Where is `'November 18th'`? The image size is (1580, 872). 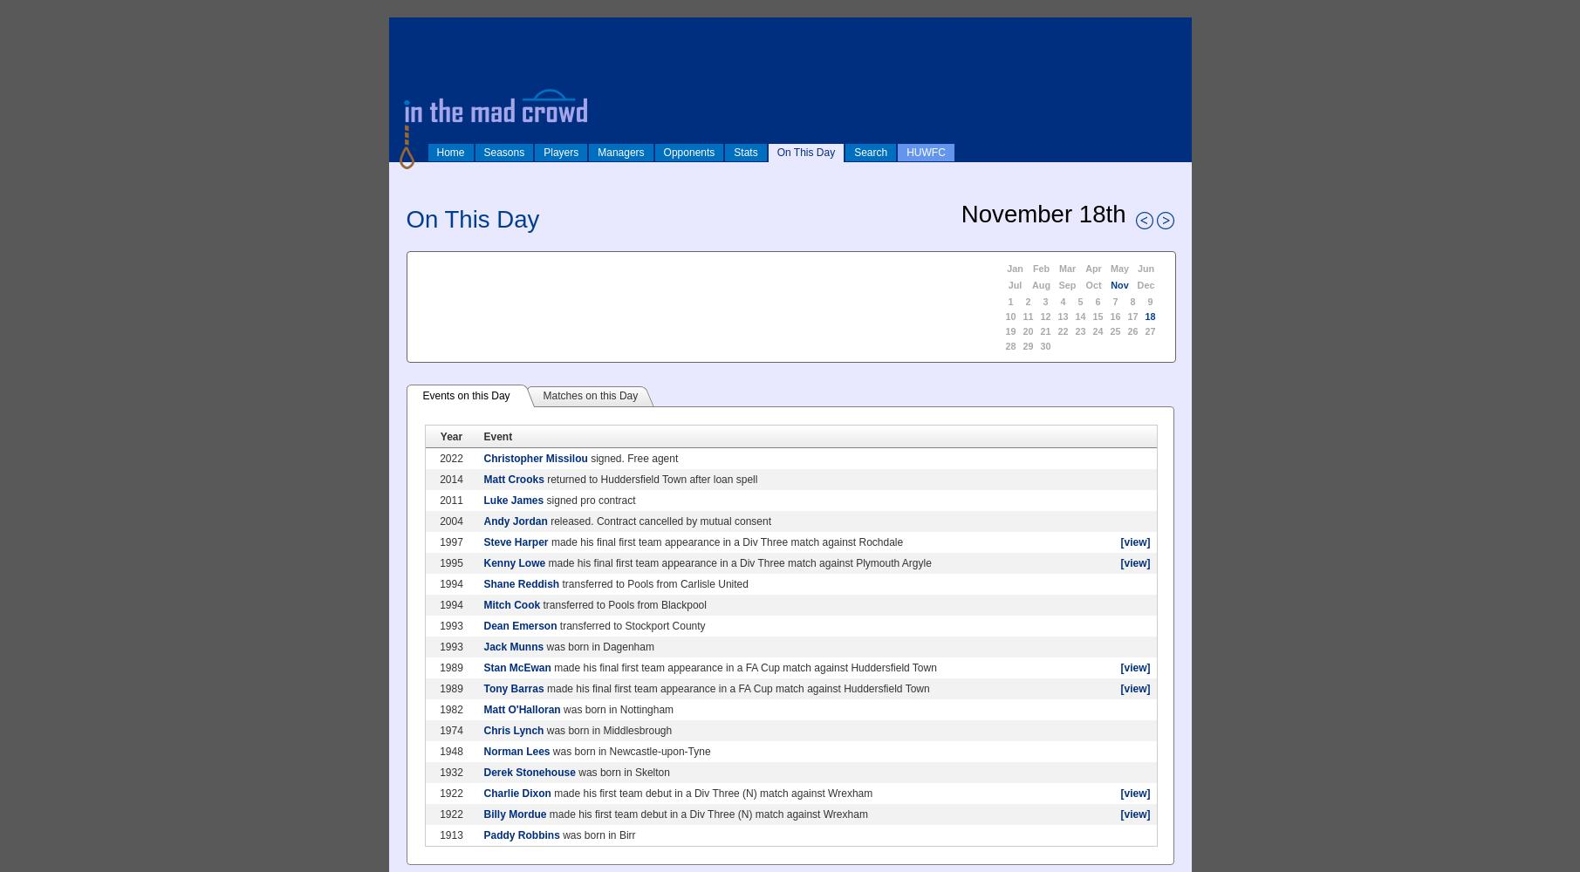
'November 18th' is located at coordinates (1042, 213).